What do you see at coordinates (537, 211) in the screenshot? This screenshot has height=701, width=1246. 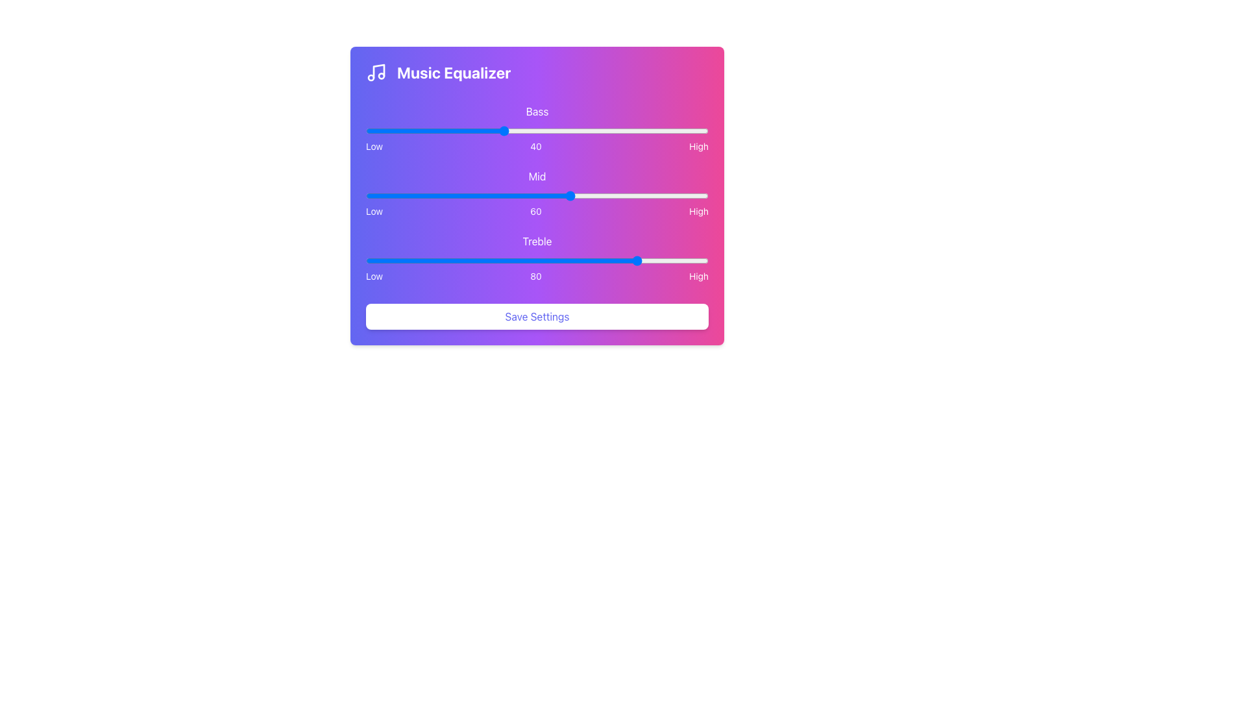 I see `the Text Label Group that consists of three labels: 'Low', '60', and 'High', which is positioned below the 'Mid' slider in the 'Music Equalizer' interface` at bounding box center [537, 211].